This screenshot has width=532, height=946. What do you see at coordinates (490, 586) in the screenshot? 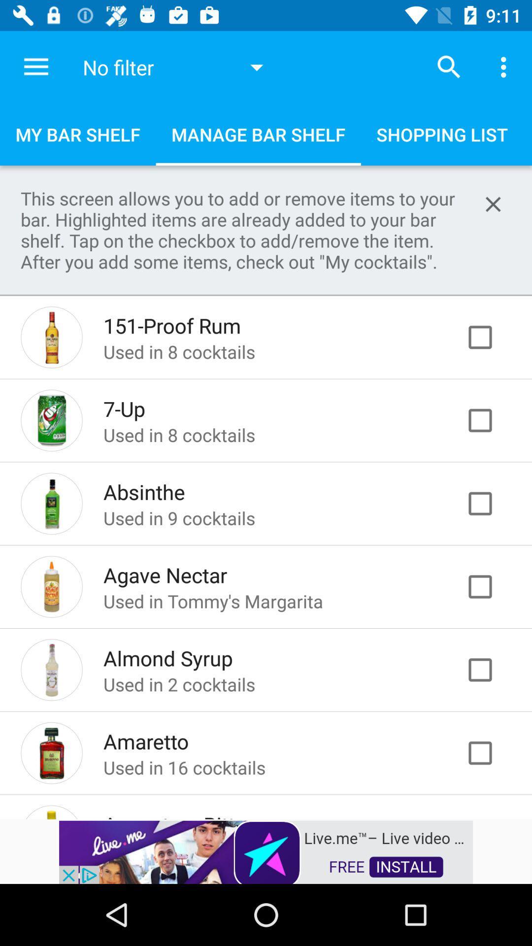
I see `item to bar` at bounding box center [490, 586].